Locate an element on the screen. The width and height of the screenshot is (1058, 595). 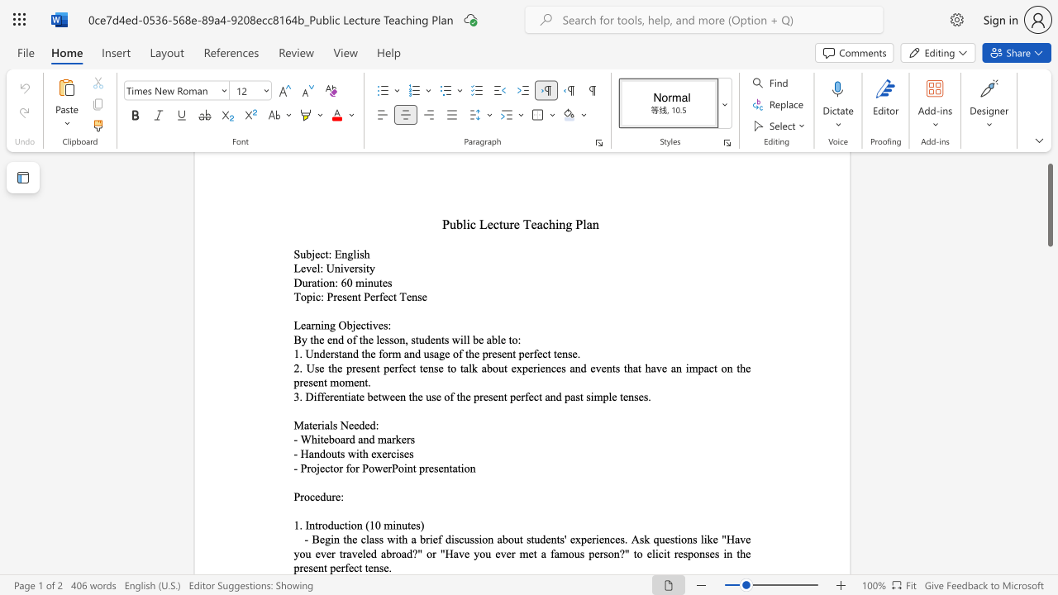
the subset text "Begin the c" within the text "- Begin the class with a brief discussion about students" is located at coordinates (312, 539).